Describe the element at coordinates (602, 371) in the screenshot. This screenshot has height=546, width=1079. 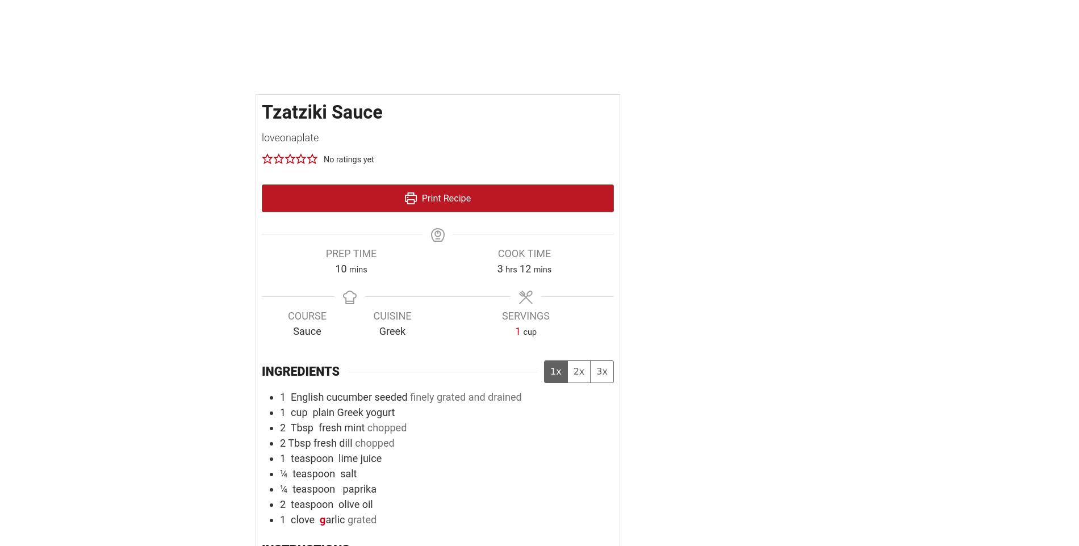
I see `'3x'` at that location.